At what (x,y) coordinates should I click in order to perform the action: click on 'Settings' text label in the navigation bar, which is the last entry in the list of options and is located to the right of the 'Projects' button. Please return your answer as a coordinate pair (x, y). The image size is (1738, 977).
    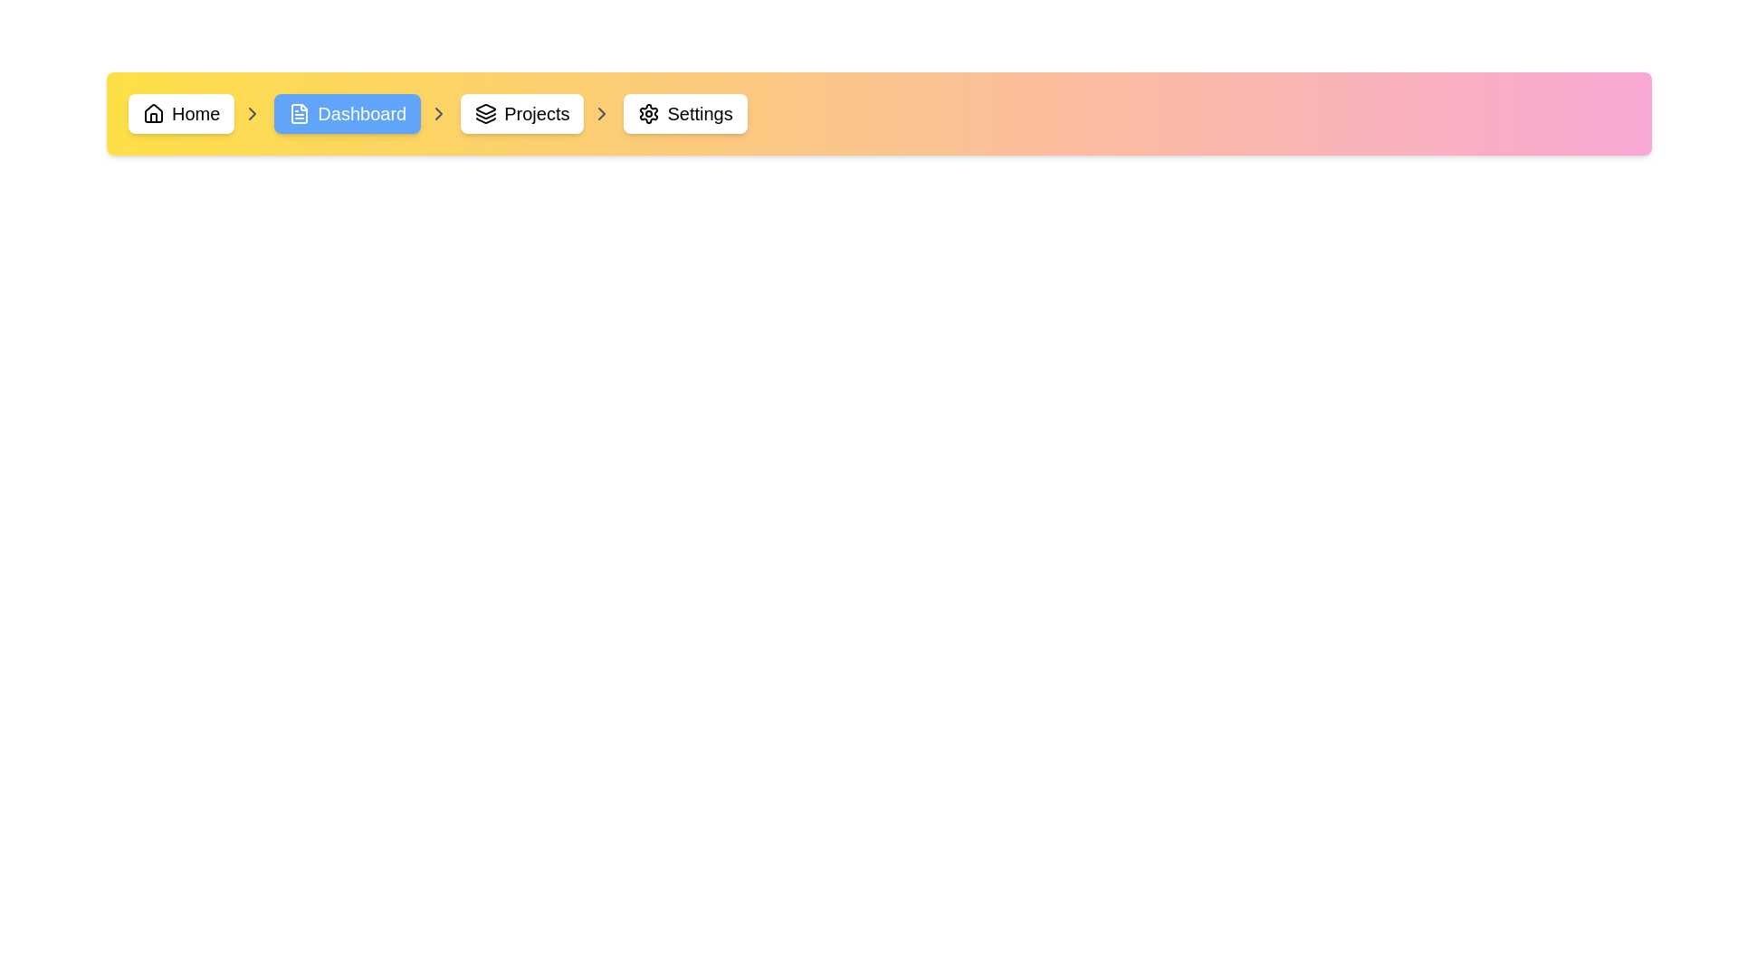
    Looking at the image, I should click on (699, 114).